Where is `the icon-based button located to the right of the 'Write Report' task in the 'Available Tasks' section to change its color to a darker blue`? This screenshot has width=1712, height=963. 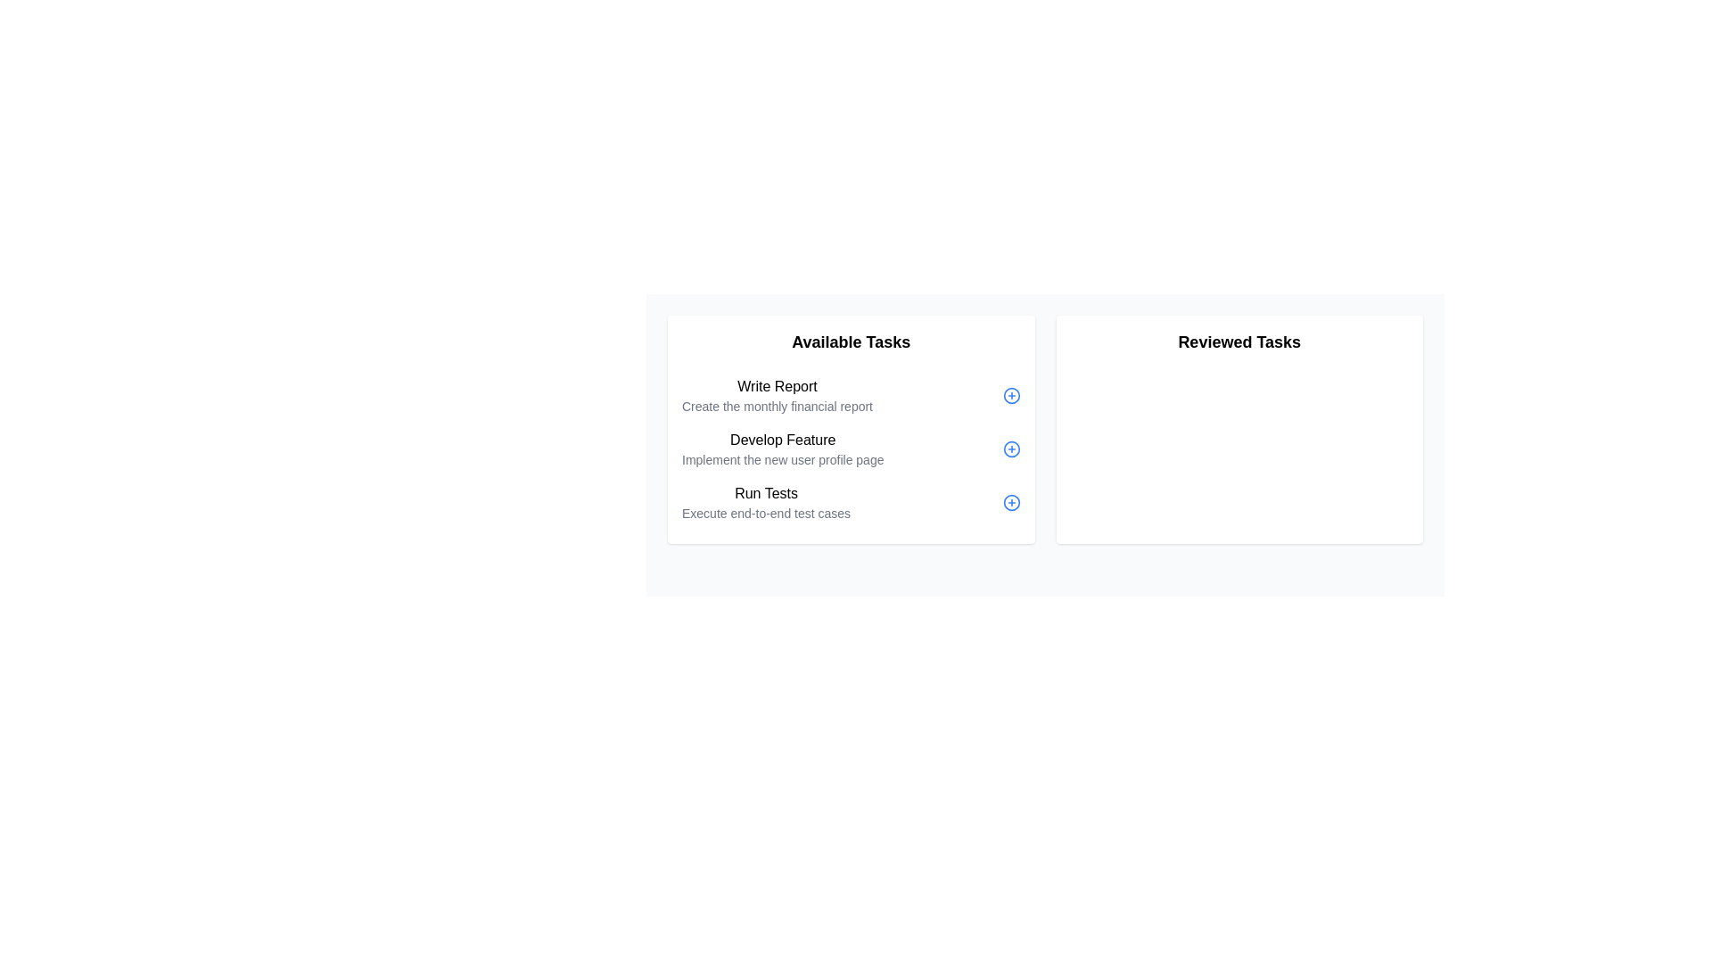 the icon-based button located to the right of the 'Write Report' task in the 'Available Tasks' section to change its color to a darker blue is located at coordinates (1011, 394).